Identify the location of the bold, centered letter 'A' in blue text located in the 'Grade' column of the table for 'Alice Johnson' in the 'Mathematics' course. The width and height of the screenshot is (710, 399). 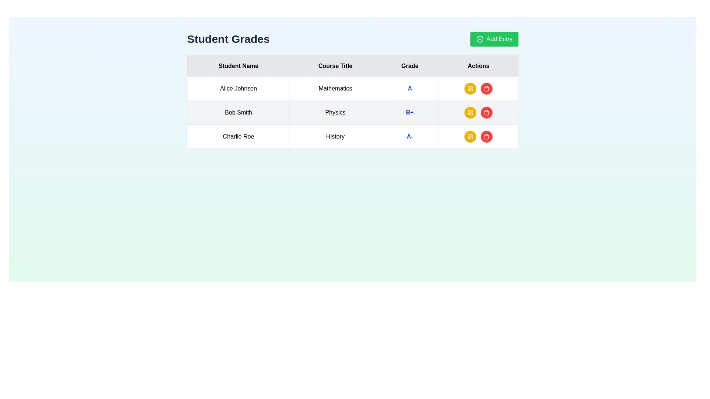
(409, 88).